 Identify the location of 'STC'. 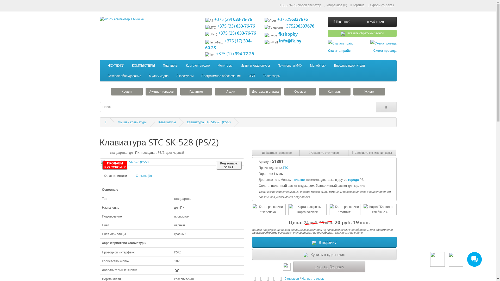
(285, 168).